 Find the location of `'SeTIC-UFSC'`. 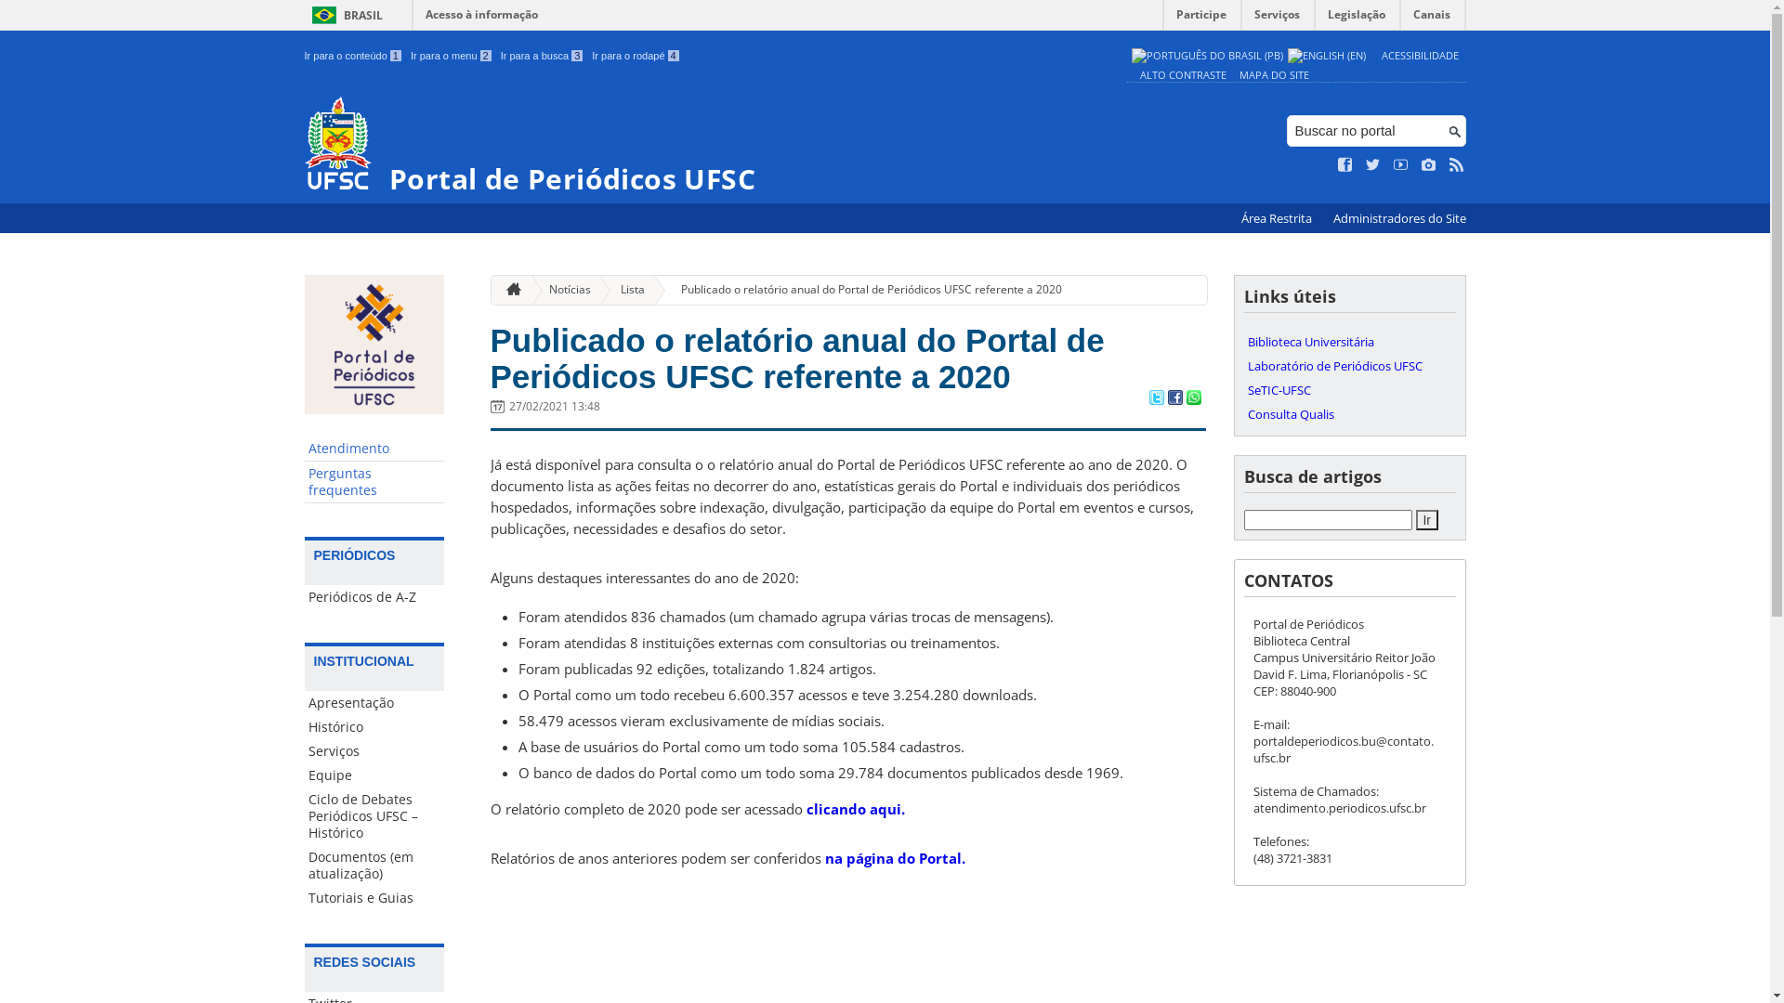

'SeTIC-UFSC' is located at coordinates (1349, 389).